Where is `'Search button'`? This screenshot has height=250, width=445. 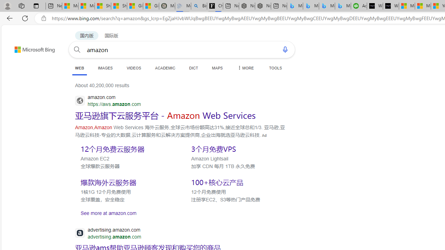
'Search button' is located at coordinates (77, 49).